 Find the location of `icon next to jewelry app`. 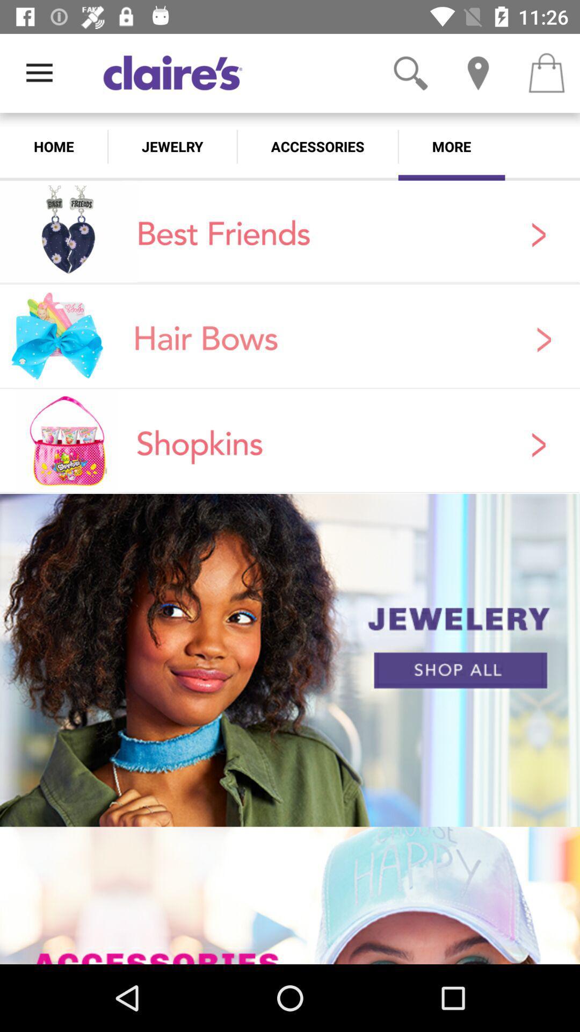

icon next to jewelry app is located at coordinates (317, 146).